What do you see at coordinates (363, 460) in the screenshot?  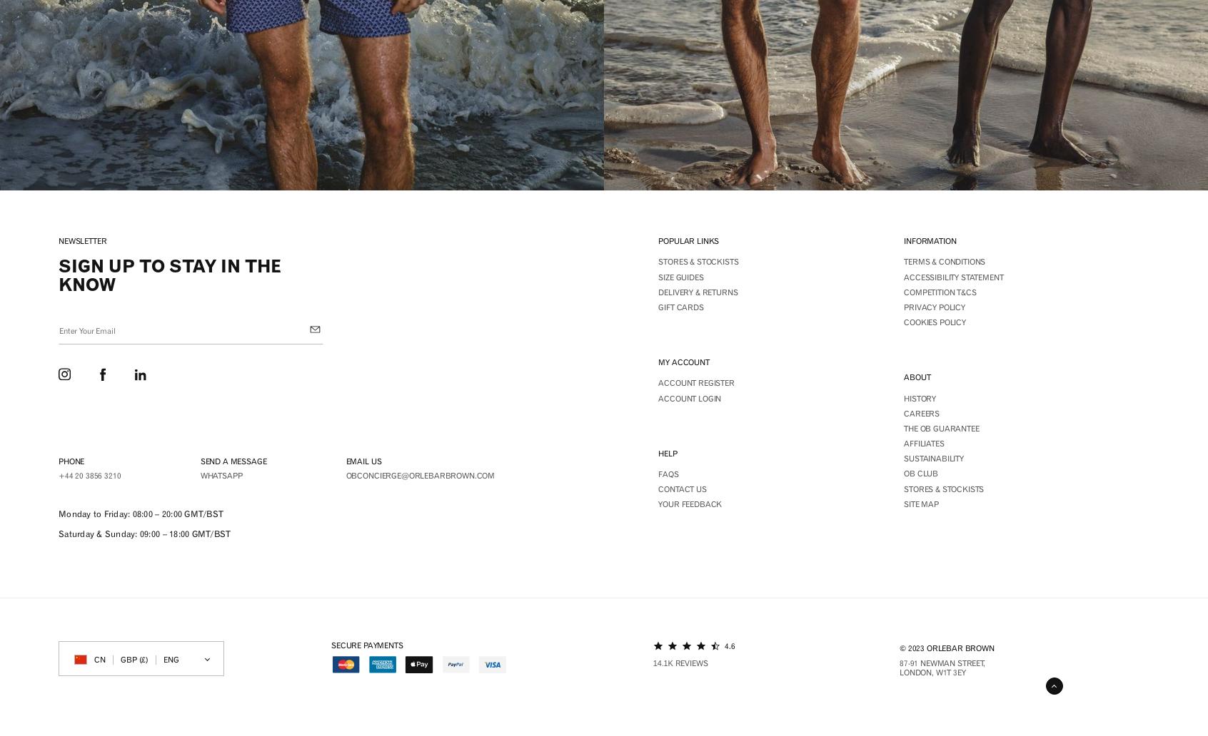 I see `'Email us'` at bounding box center [363, 460].